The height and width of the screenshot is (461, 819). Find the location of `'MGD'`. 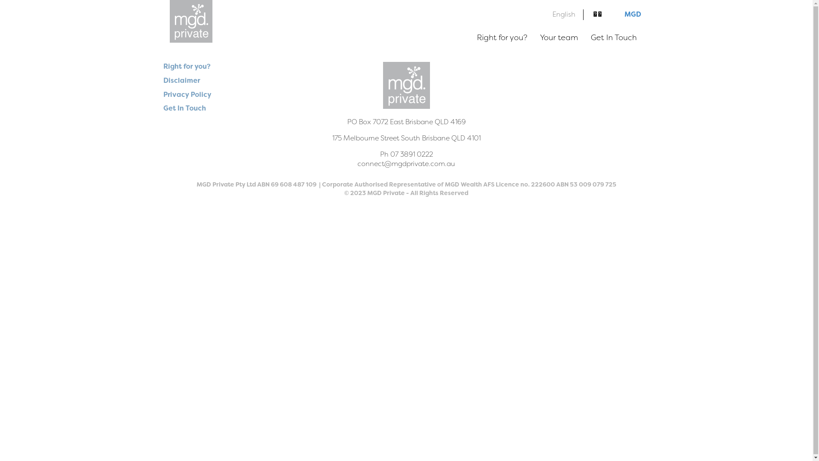

'MGD' is located at coordinates (633, 15).